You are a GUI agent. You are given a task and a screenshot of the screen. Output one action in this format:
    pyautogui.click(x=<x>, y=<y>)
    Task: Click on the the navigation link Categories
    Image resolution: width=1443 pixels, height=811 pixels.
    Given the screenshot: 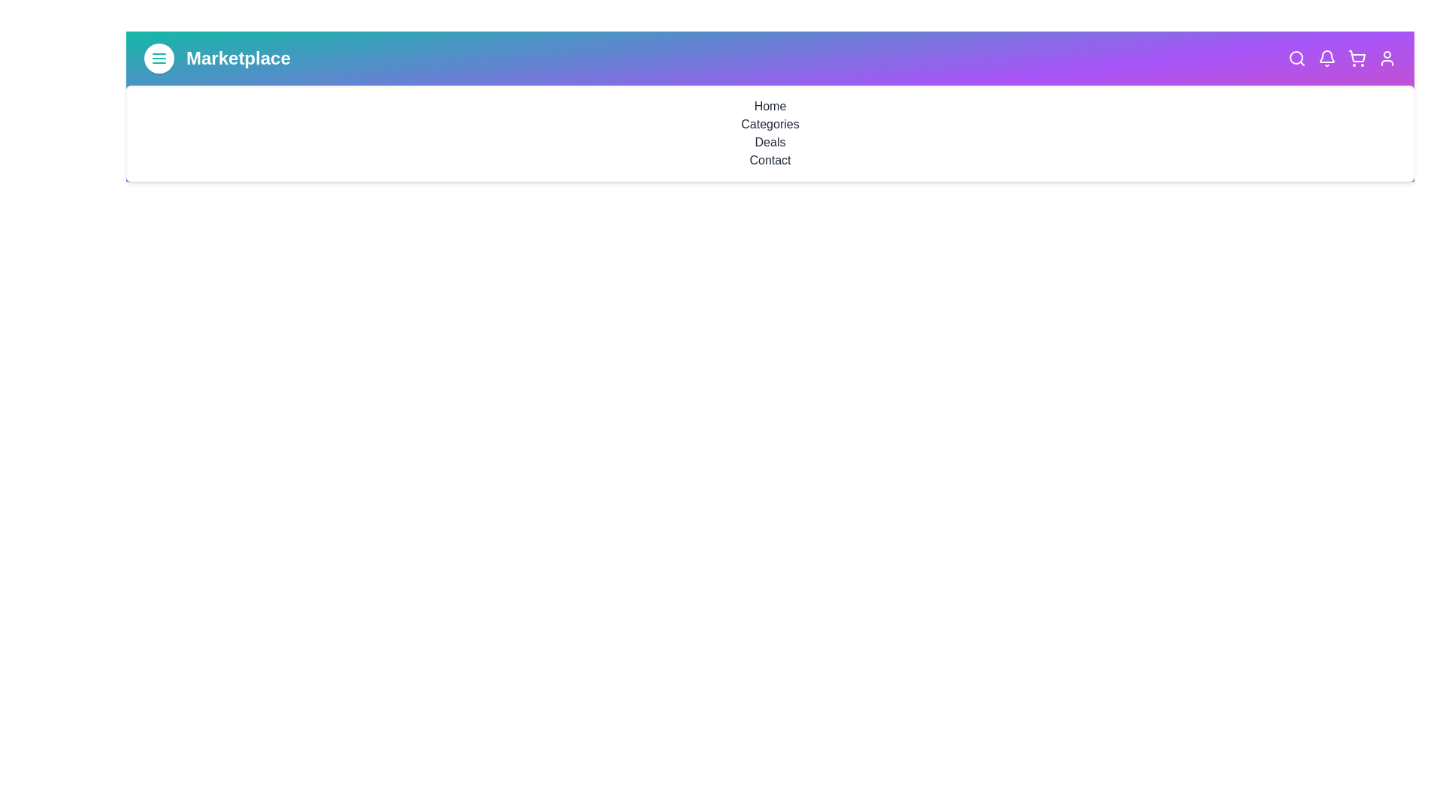 What is the action you would take?
    pyautogui.click(x=770, y=123)
    